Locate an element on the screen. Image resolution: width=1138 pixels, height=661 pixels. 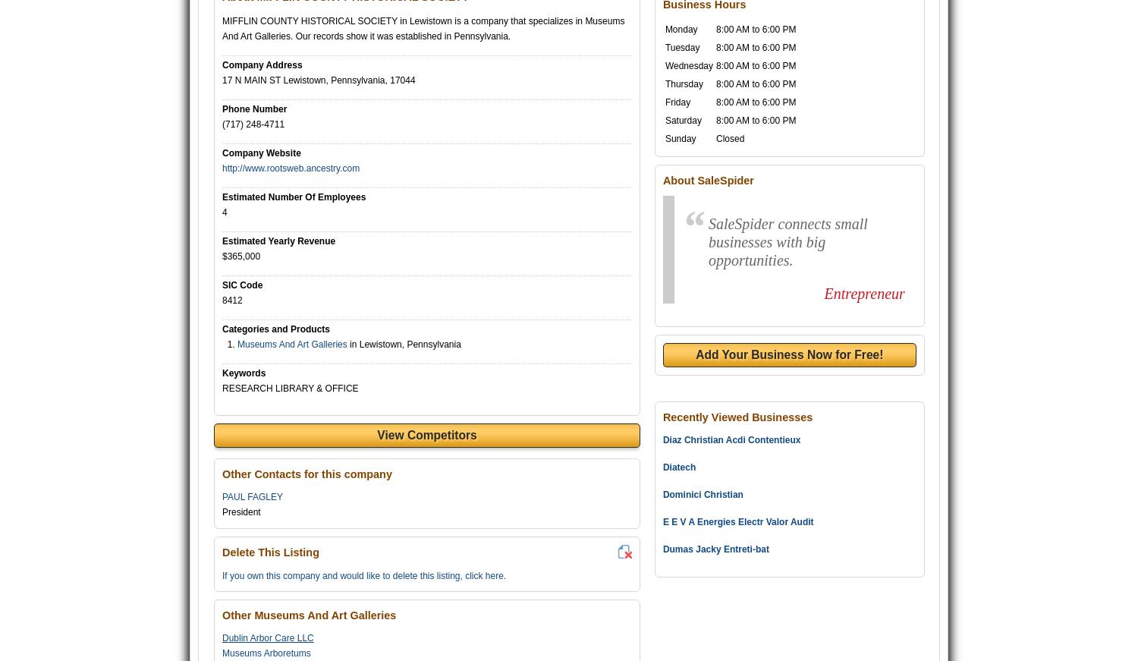
'Museums Arboretums' is located at coordinates (222, 653).